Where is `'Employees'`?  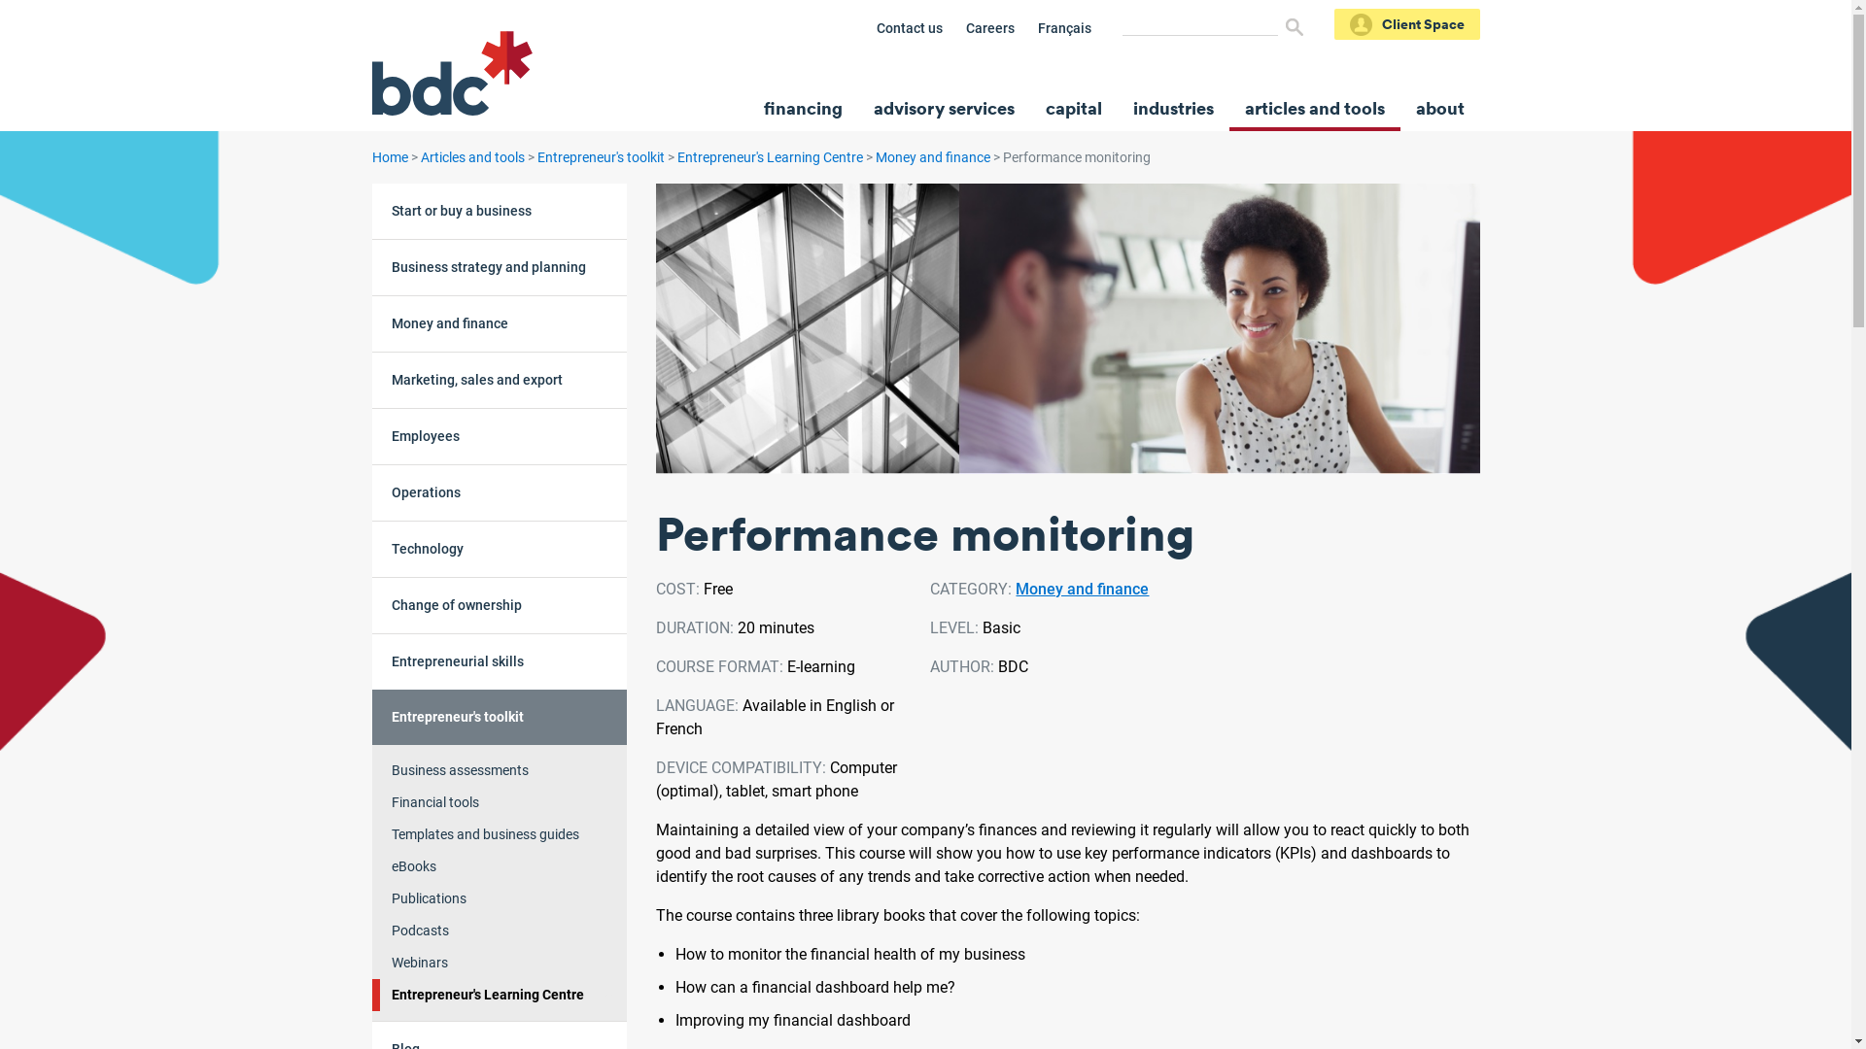
'Employees' is located at coordinates (499, 434).